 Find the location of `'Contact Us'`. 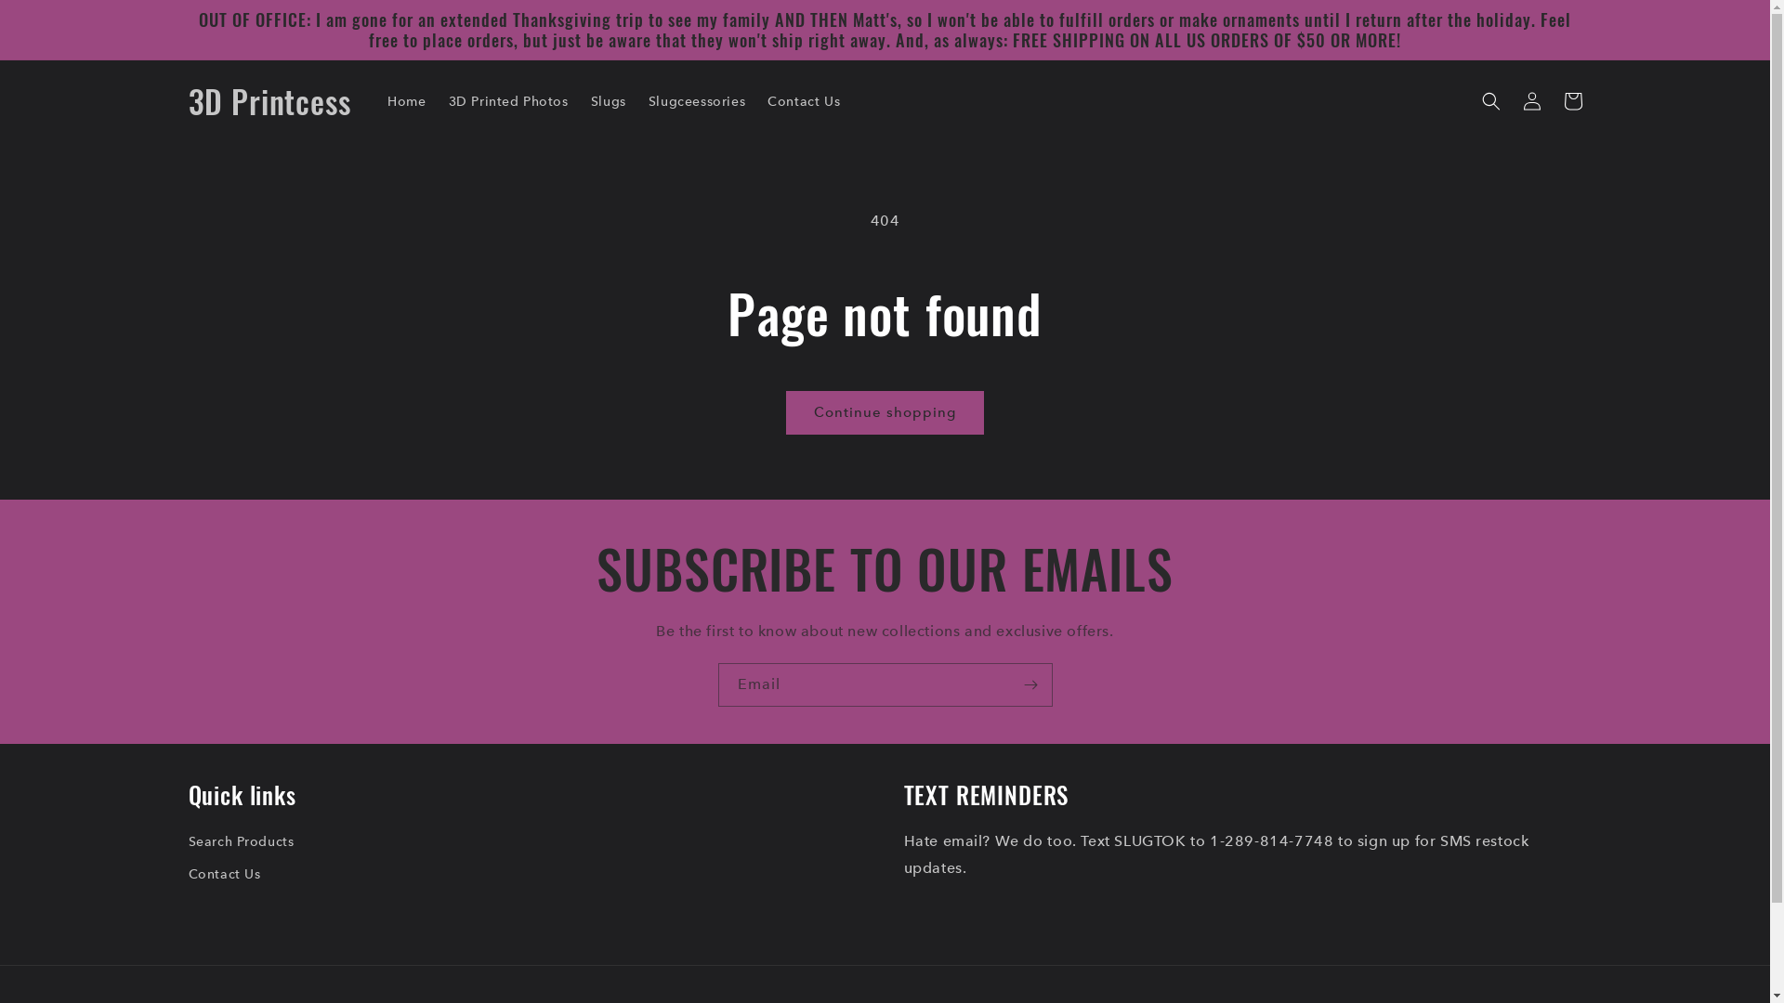

'Contact Us' is located at coordinates (803, 100).